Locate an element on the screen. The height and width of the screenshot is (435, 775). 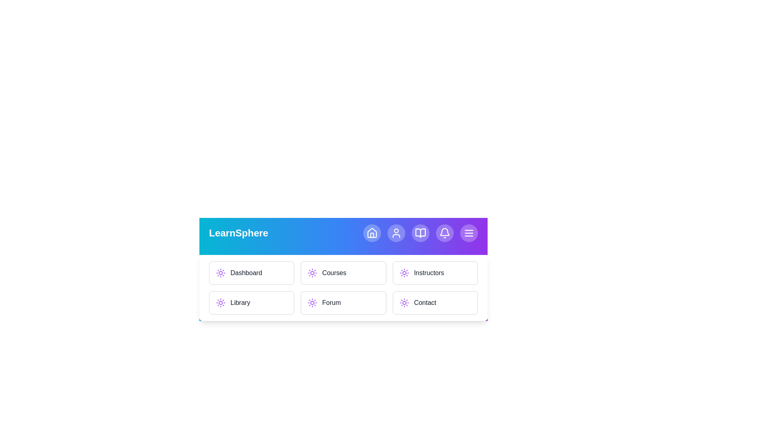
the Menu navigation icon is located at coordinates (469, 233).